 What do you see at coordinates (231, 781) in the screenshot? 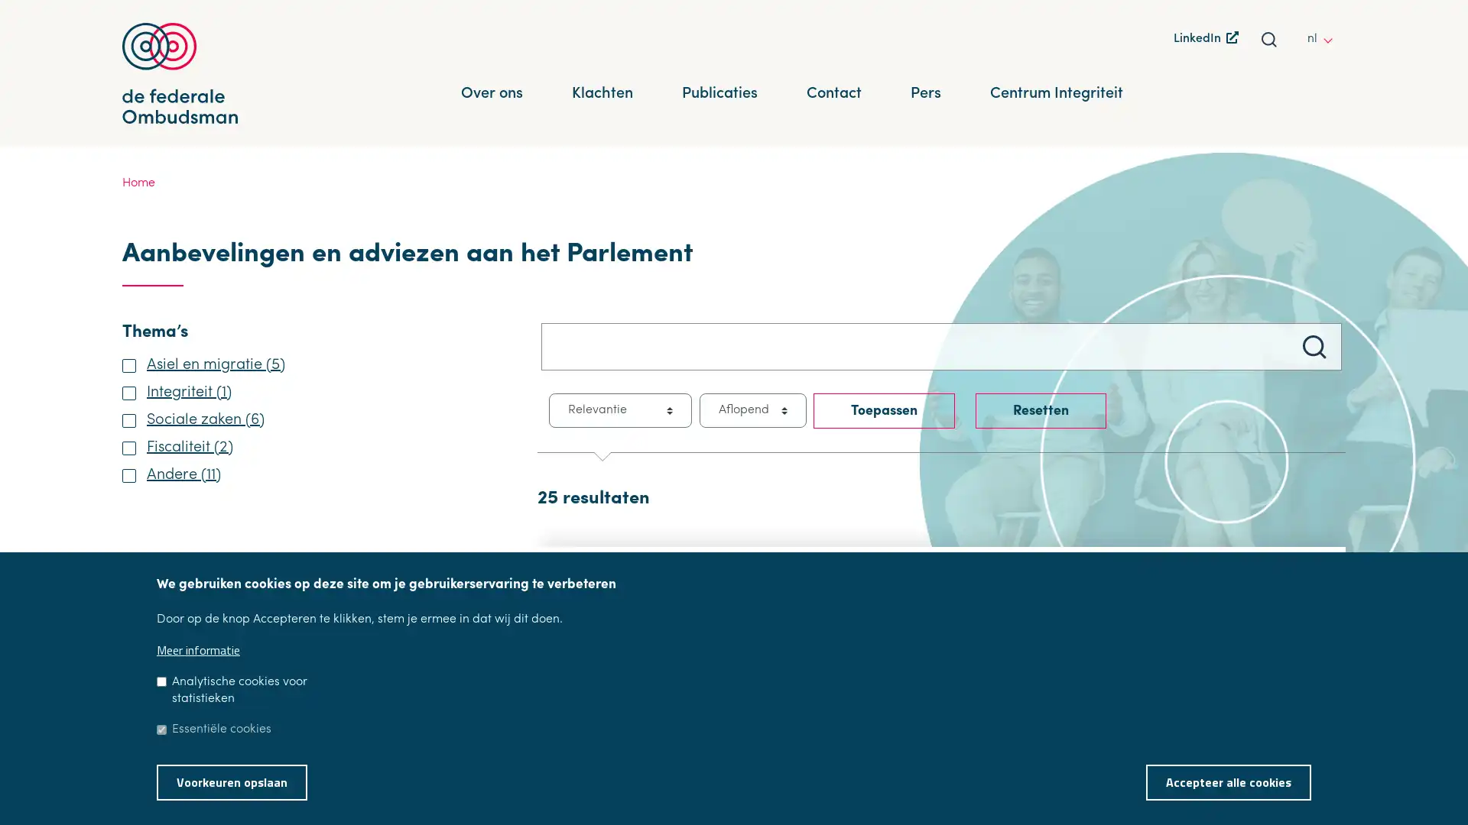
I see `Voorkeuren opslaan` at bounding box center [231, 781].